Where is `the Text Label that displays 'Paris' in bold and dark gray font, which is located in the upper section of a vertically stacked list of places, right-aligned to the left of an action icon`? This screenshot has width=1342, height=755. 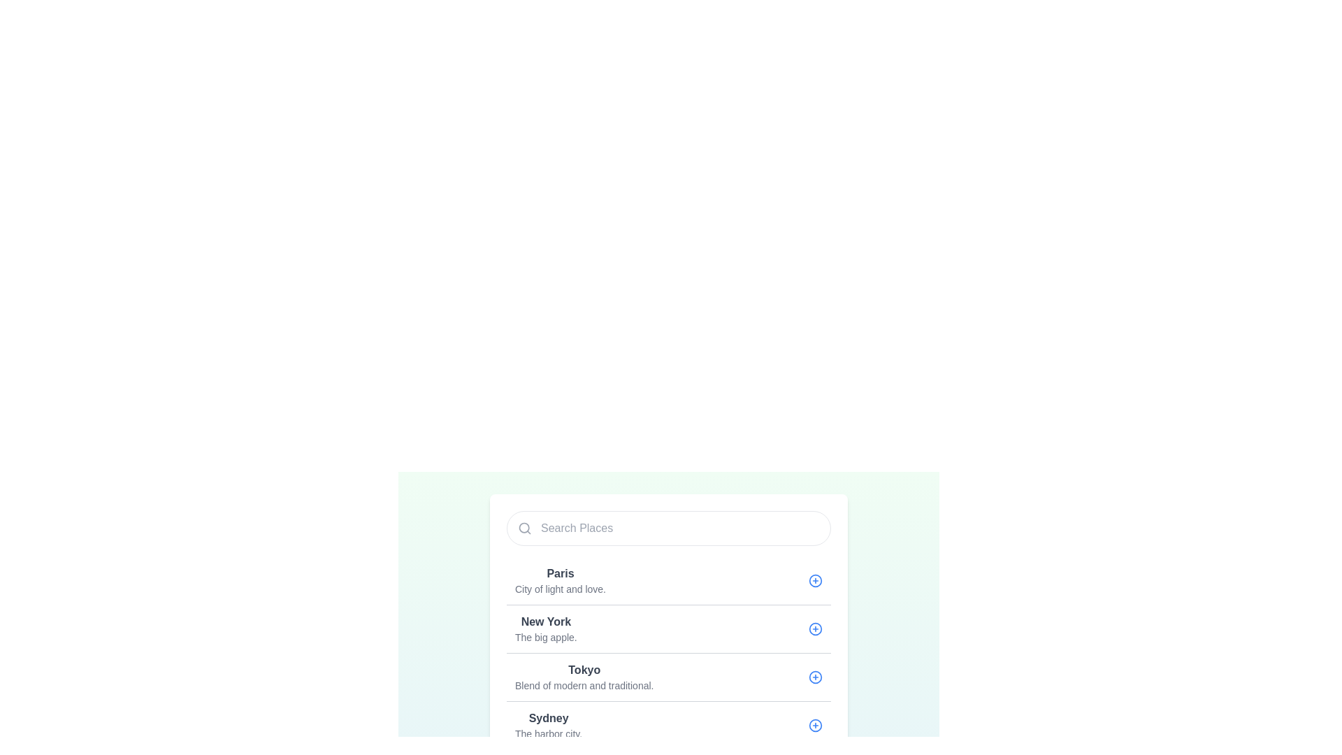
the Text Label that displays 'Paris' in bold and dark gray font, which is located in the upper section of a vertically stacked list of places, right-aligned to the left of an action icon is located at coordinates (560, 580).